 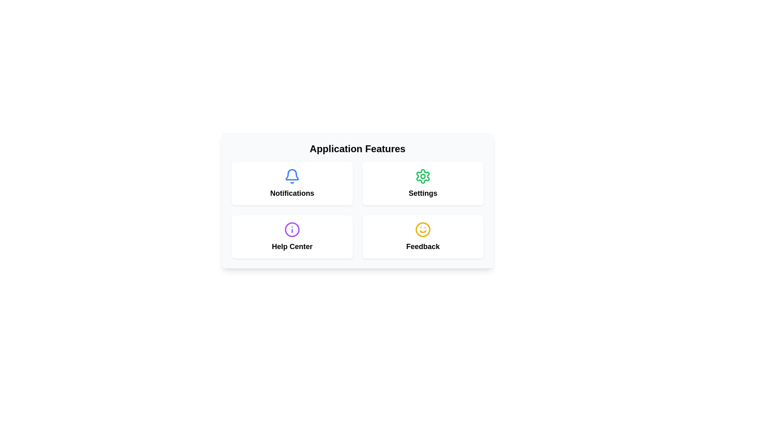 What do you see at coordinates (292, 184) in the screenshot?
I see `the blue bell icon labeled 'Notifications'` at bounding box center [292, 184].